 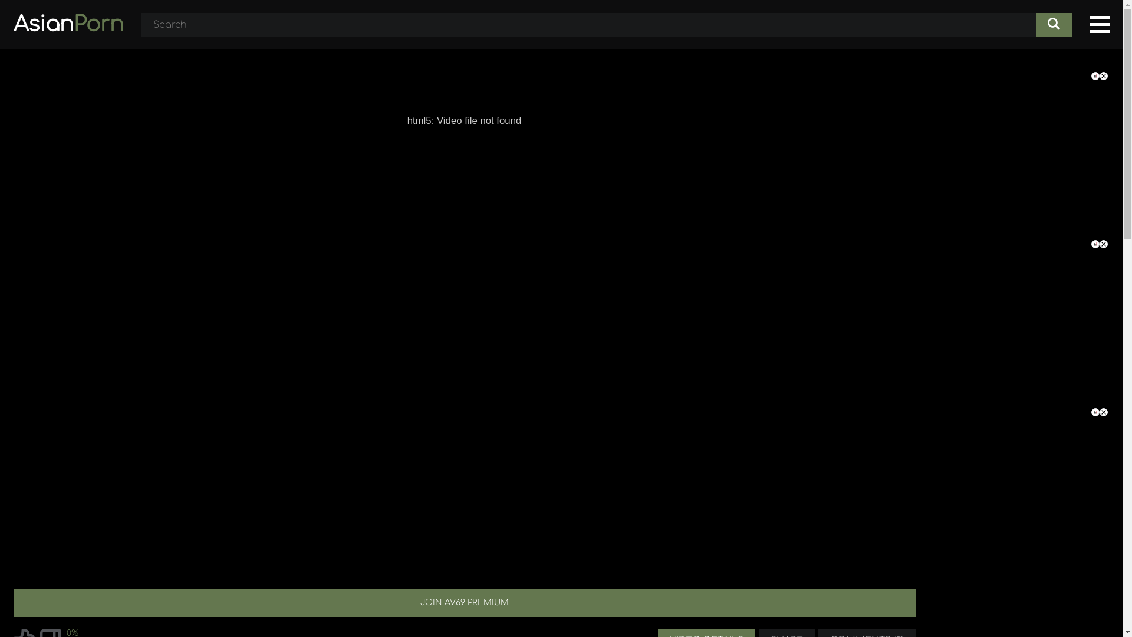 What do you see at coordinates (67, 24) in the screenshot?
I see `'AsianPorn'` at bounding box center [67, 24].